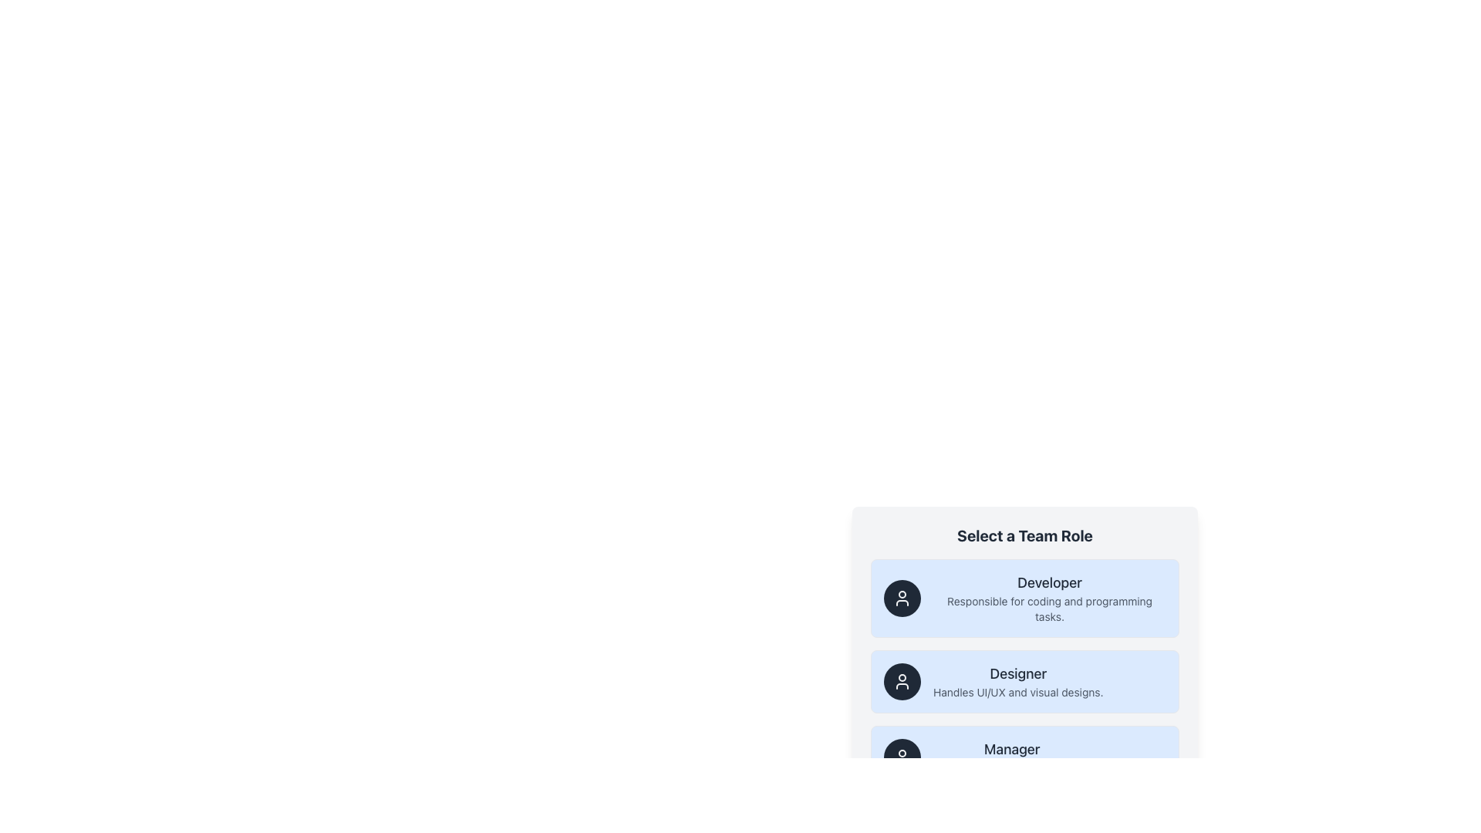 This screenshot has width=1481, height=833. I want to click on the static text label that reads 'Responsible for coding and programming tasks.' located below the 'Developer' heading within its card in the lower-right area of the interface, so click(1049, 609).